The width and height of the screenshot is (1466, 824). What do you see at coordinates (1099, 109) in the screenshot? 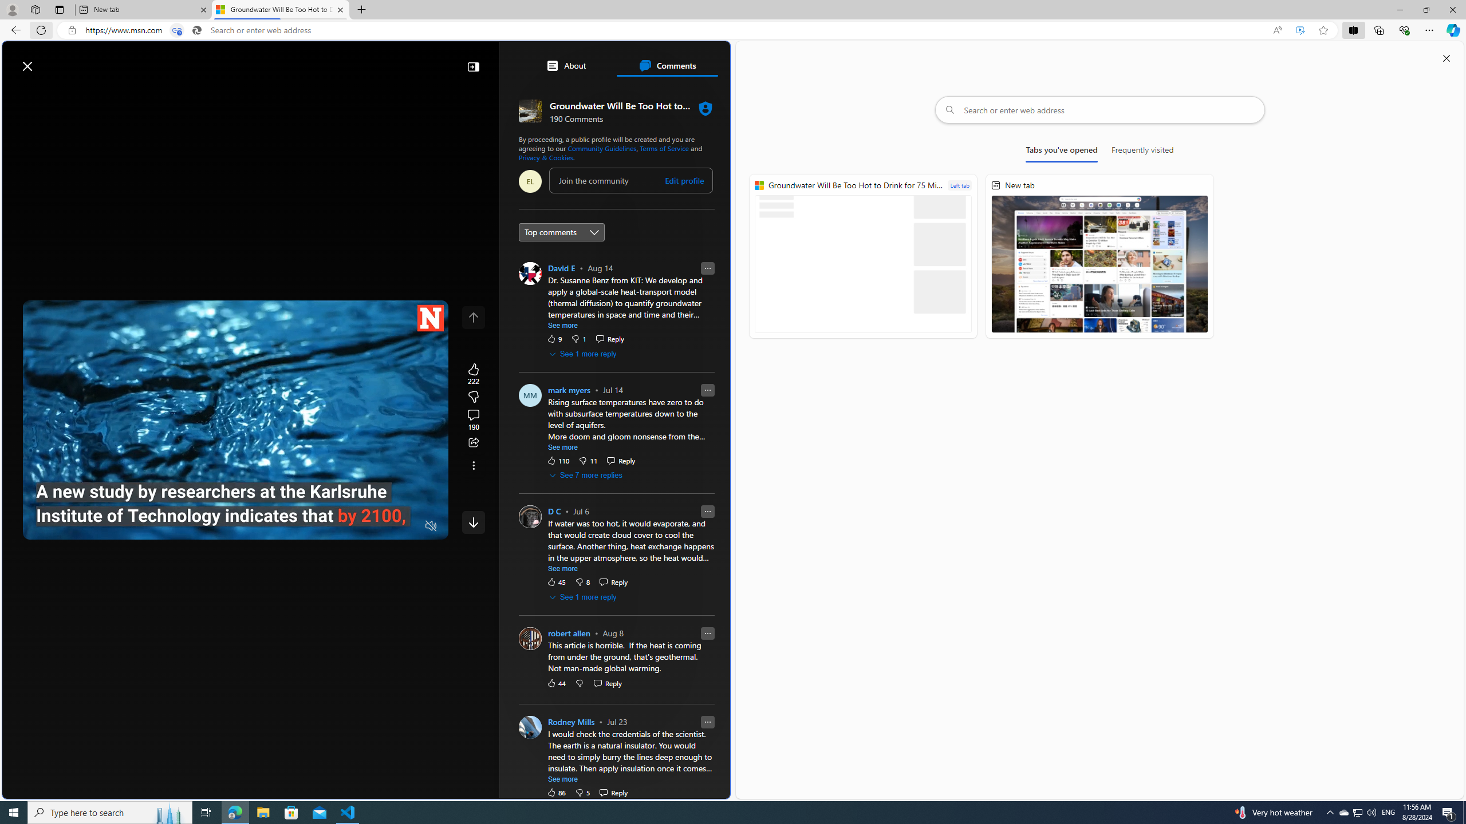
I see `'Search or enter web address'` at bounding box center [1099, 109].